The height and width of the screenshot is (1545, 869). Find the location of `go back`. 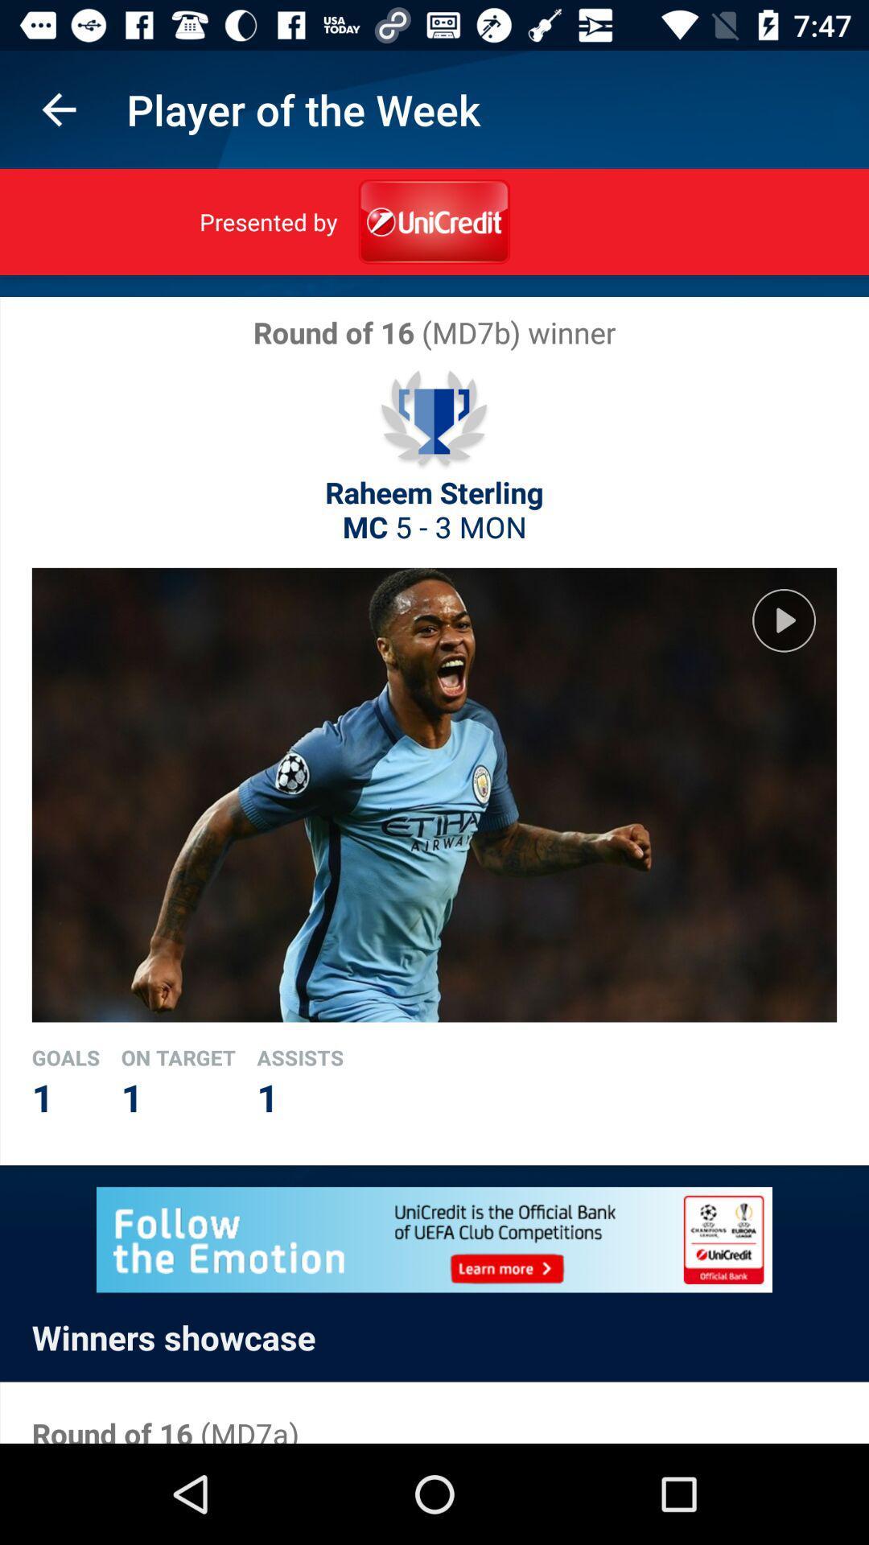

go back is located at coordinates (58, 109).